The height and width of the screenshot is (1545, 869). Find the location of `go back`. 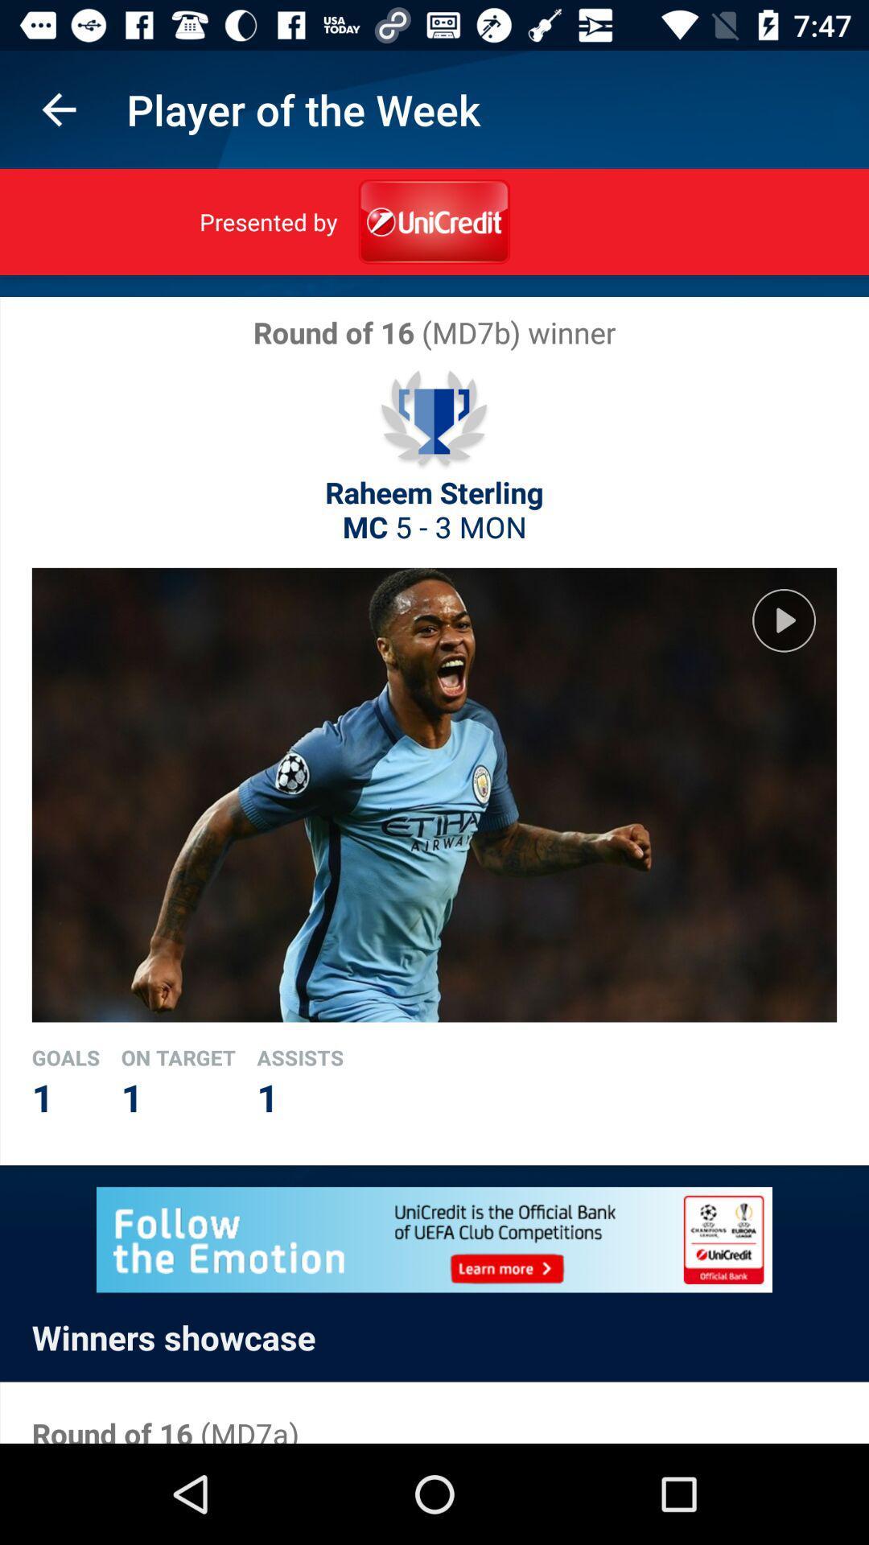

go back is located at coordinates (58, 109).